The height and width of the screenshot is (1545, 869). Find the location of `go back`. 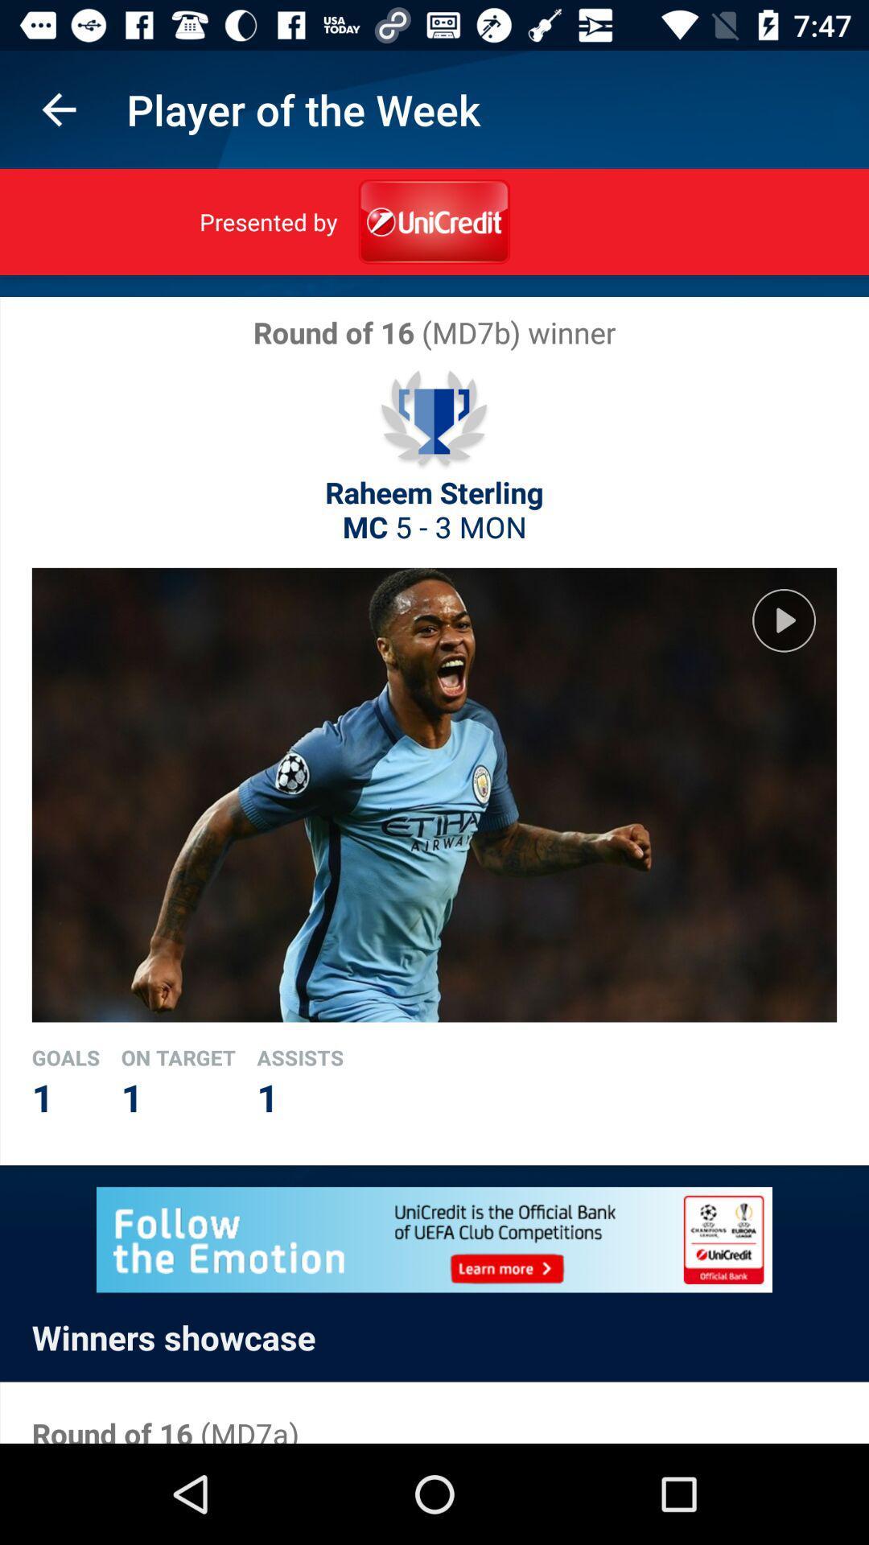

go back is located at coordinates (58, 109).